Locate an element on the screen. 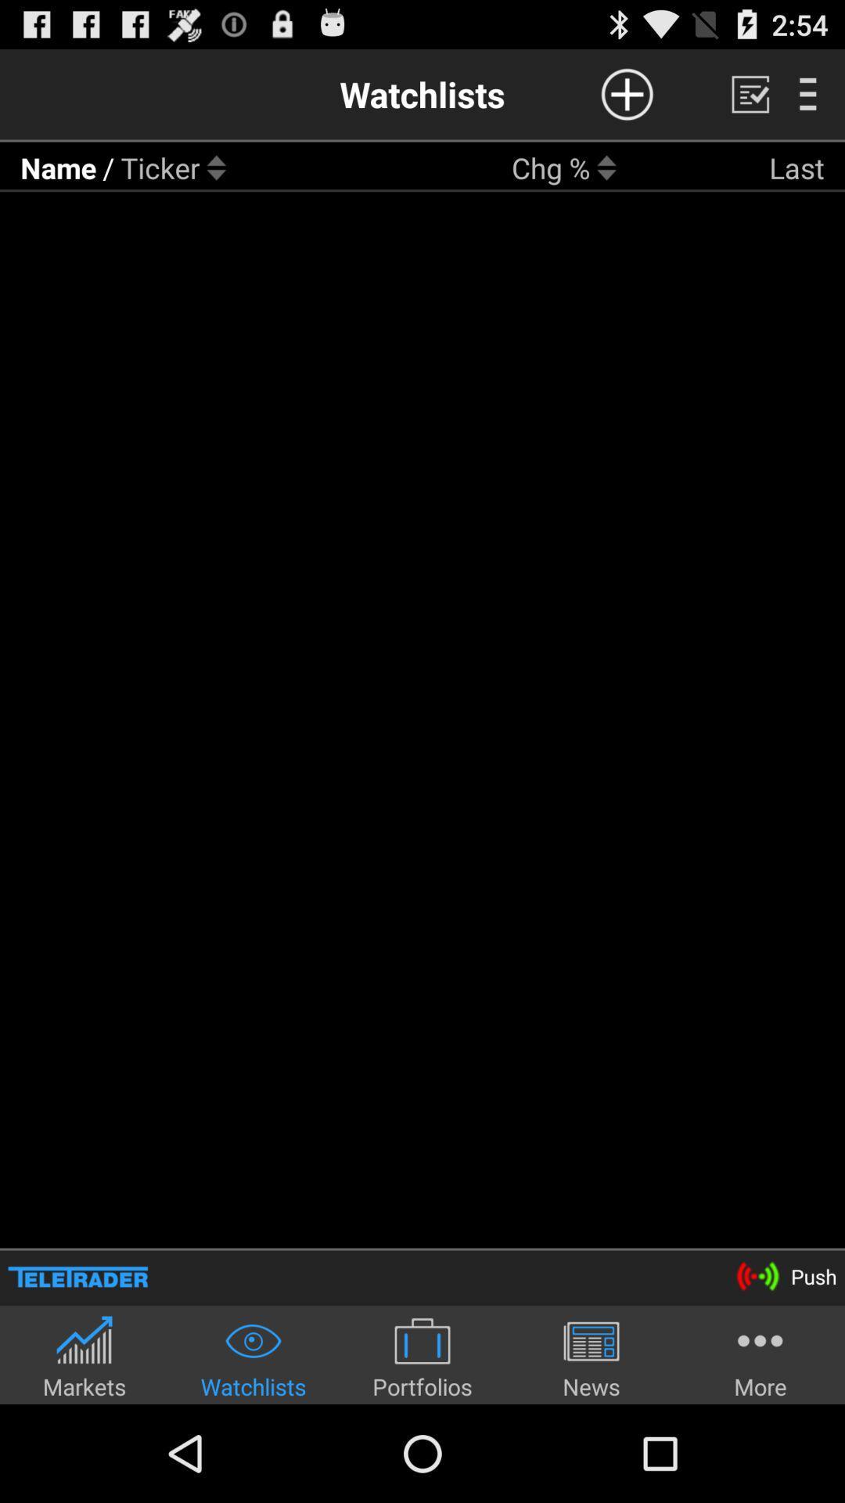 Image resolution: width=845 pixels, height=1503 pixels. item to the left of the more item is located at coordinates (591, 1356).